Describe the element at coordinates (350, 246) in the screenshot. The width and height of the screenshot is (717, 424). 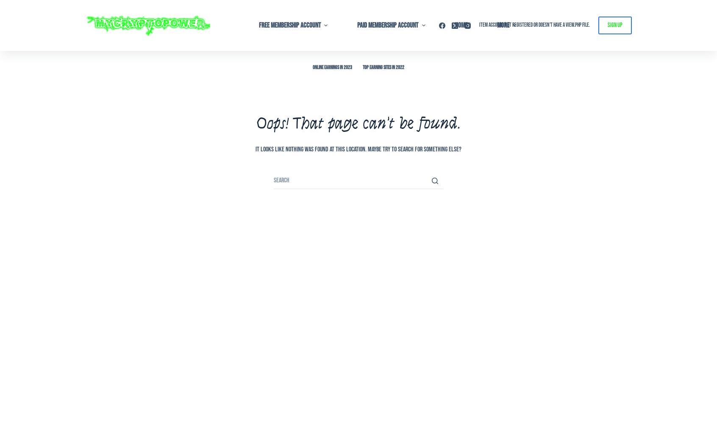
I see `'13 – Referrals – Affiliates'` at that location.